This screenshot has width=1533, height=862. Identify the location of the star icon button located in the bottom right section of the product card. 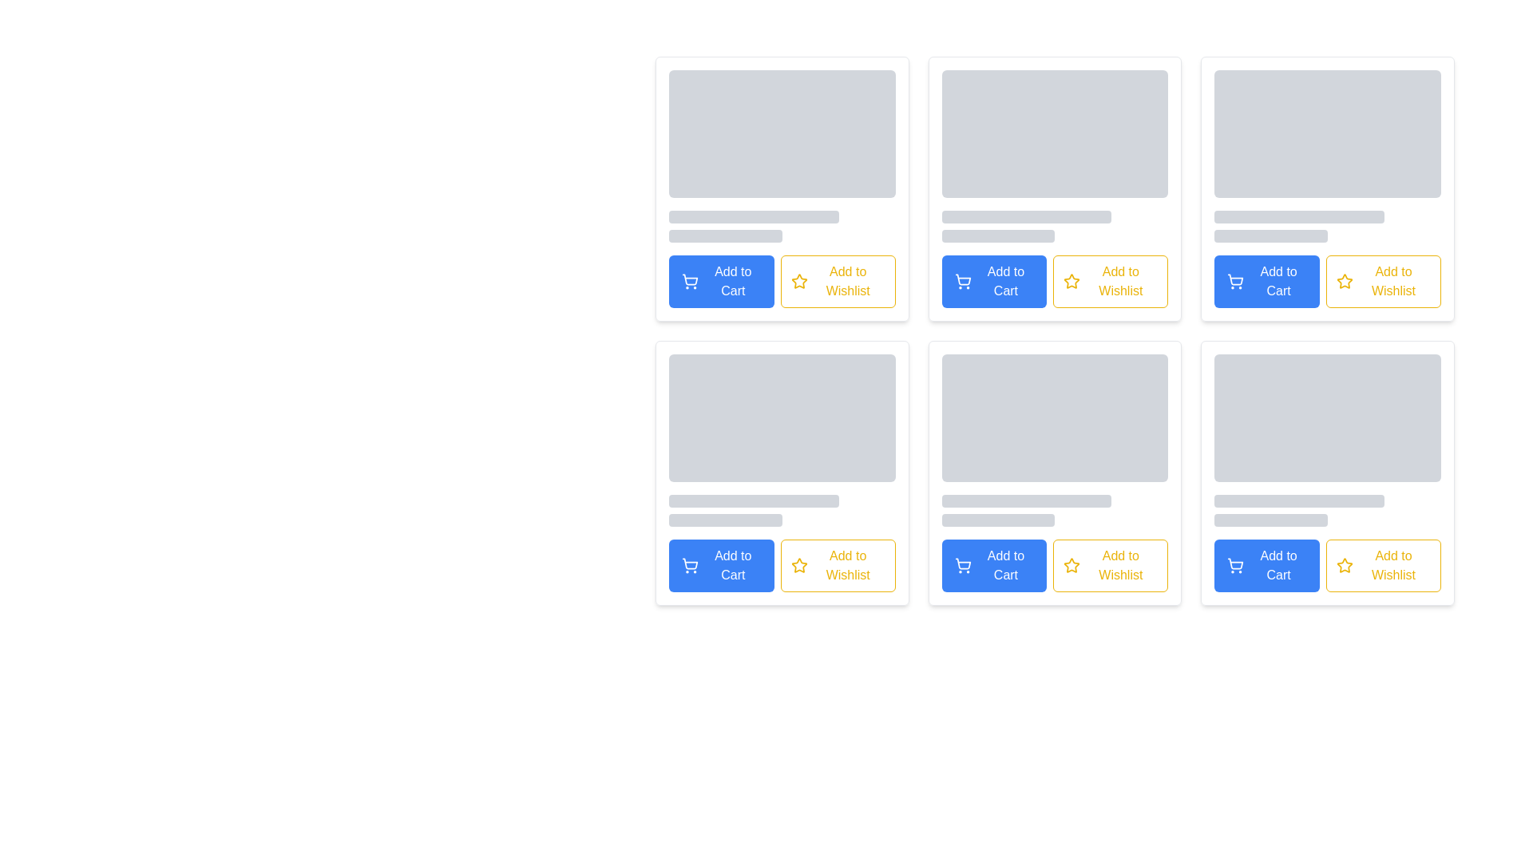
(1344, 564).